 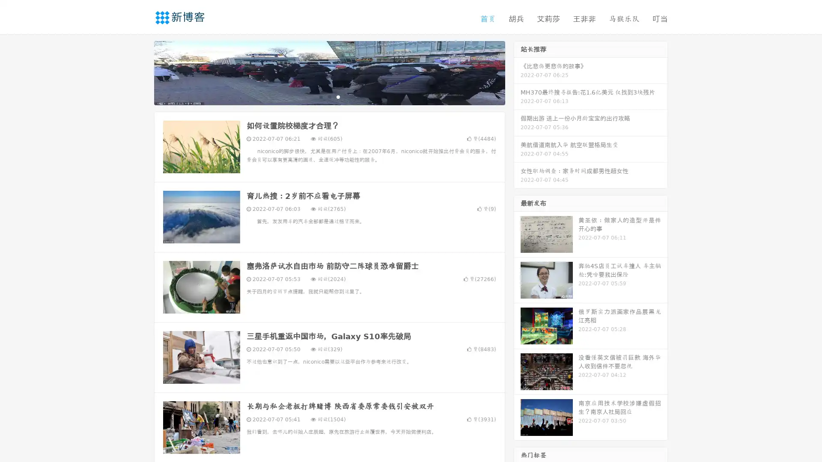 I want to click on Next slide, so click(x=517, y=72).